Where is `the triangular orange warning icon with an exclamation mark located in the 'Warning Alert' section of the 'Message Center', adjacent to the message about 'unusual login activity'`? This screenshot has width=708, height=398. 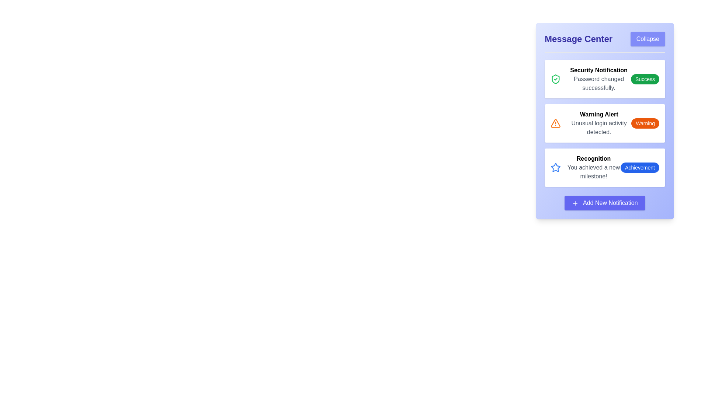
the triangular orange warning icon with an exclamation mark located in the 'Warning Alert' section of the 'Message Center', adjacent to the message about 'unusual login activity' is located at coordinates (556, 123).